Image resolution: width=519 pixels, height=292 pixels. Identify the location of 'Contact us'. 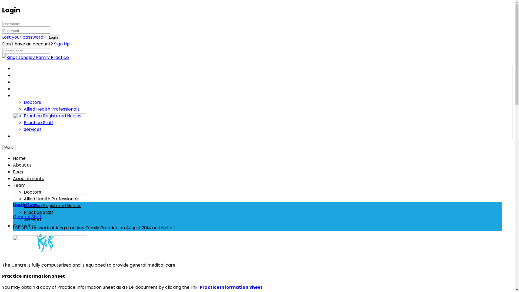
(24, 226).